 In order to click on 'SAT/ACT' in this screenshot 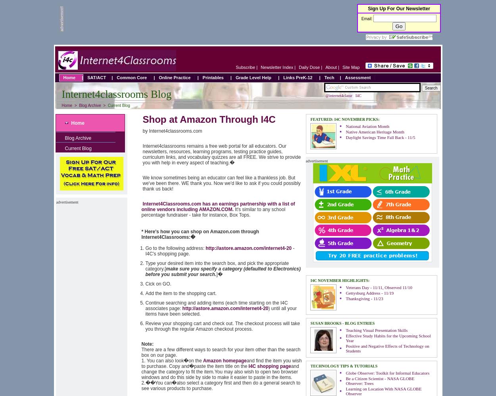, I will do `click(87, 77)`.